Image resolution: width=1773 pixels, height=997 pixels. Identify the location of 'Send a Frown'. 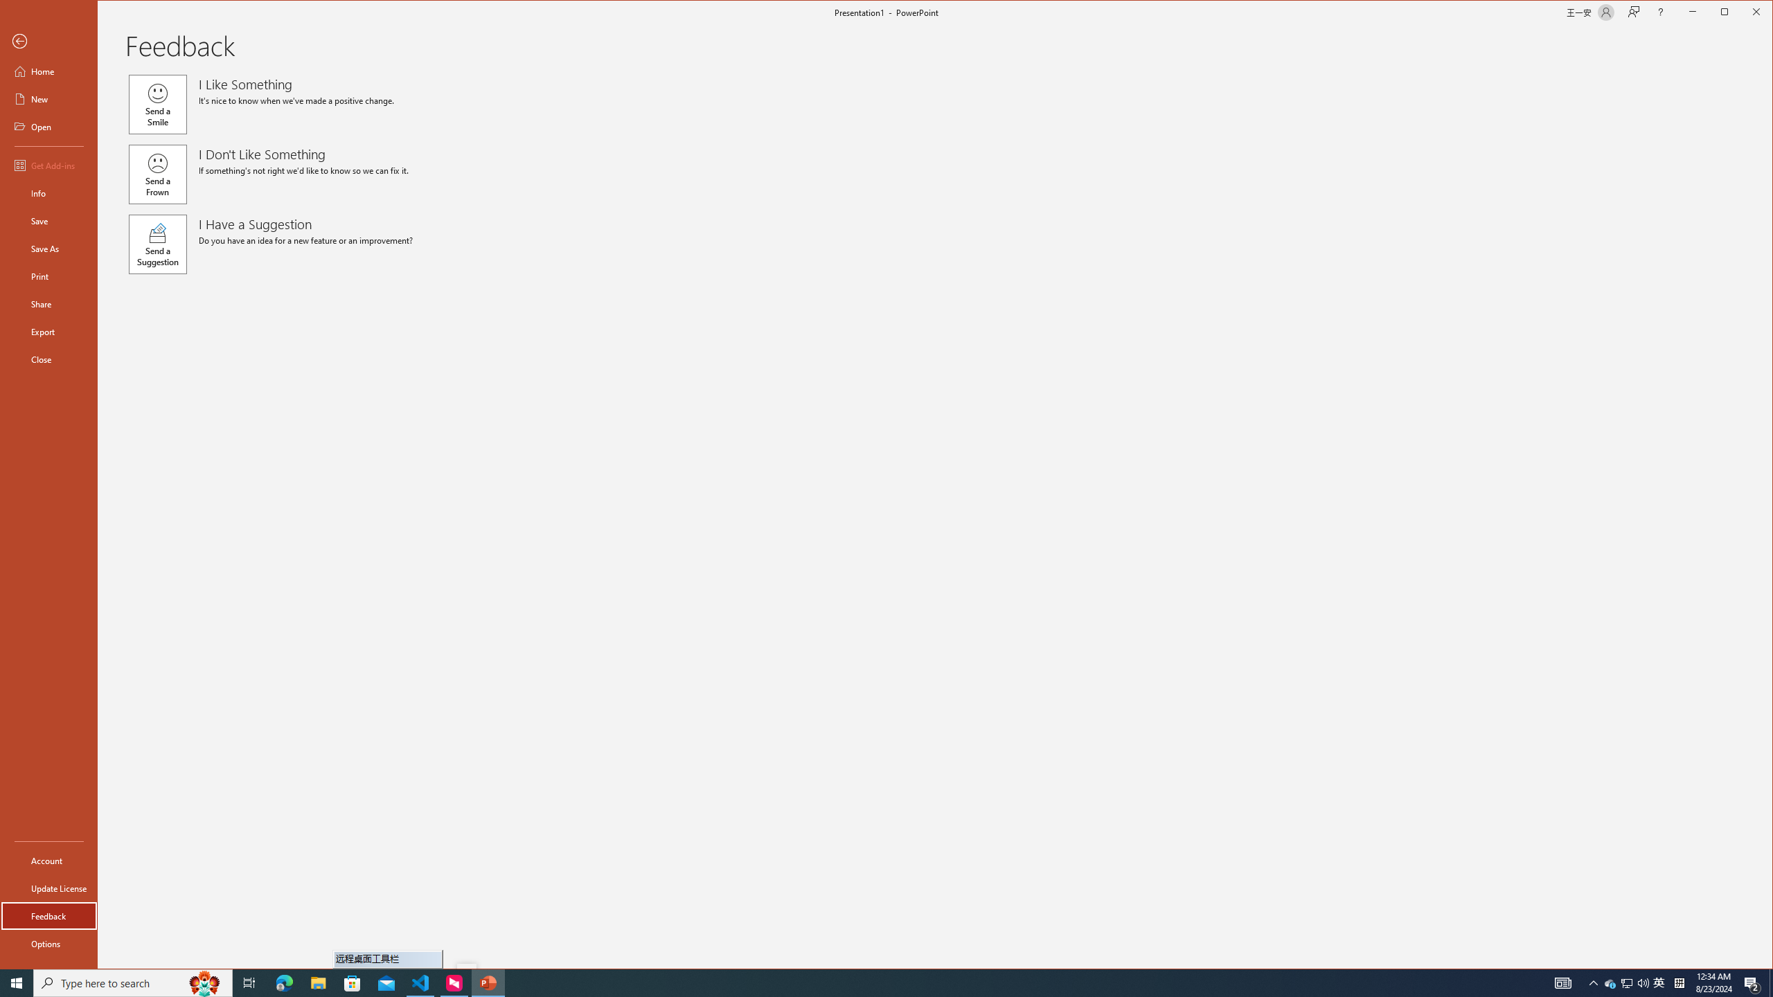
(157, 173).